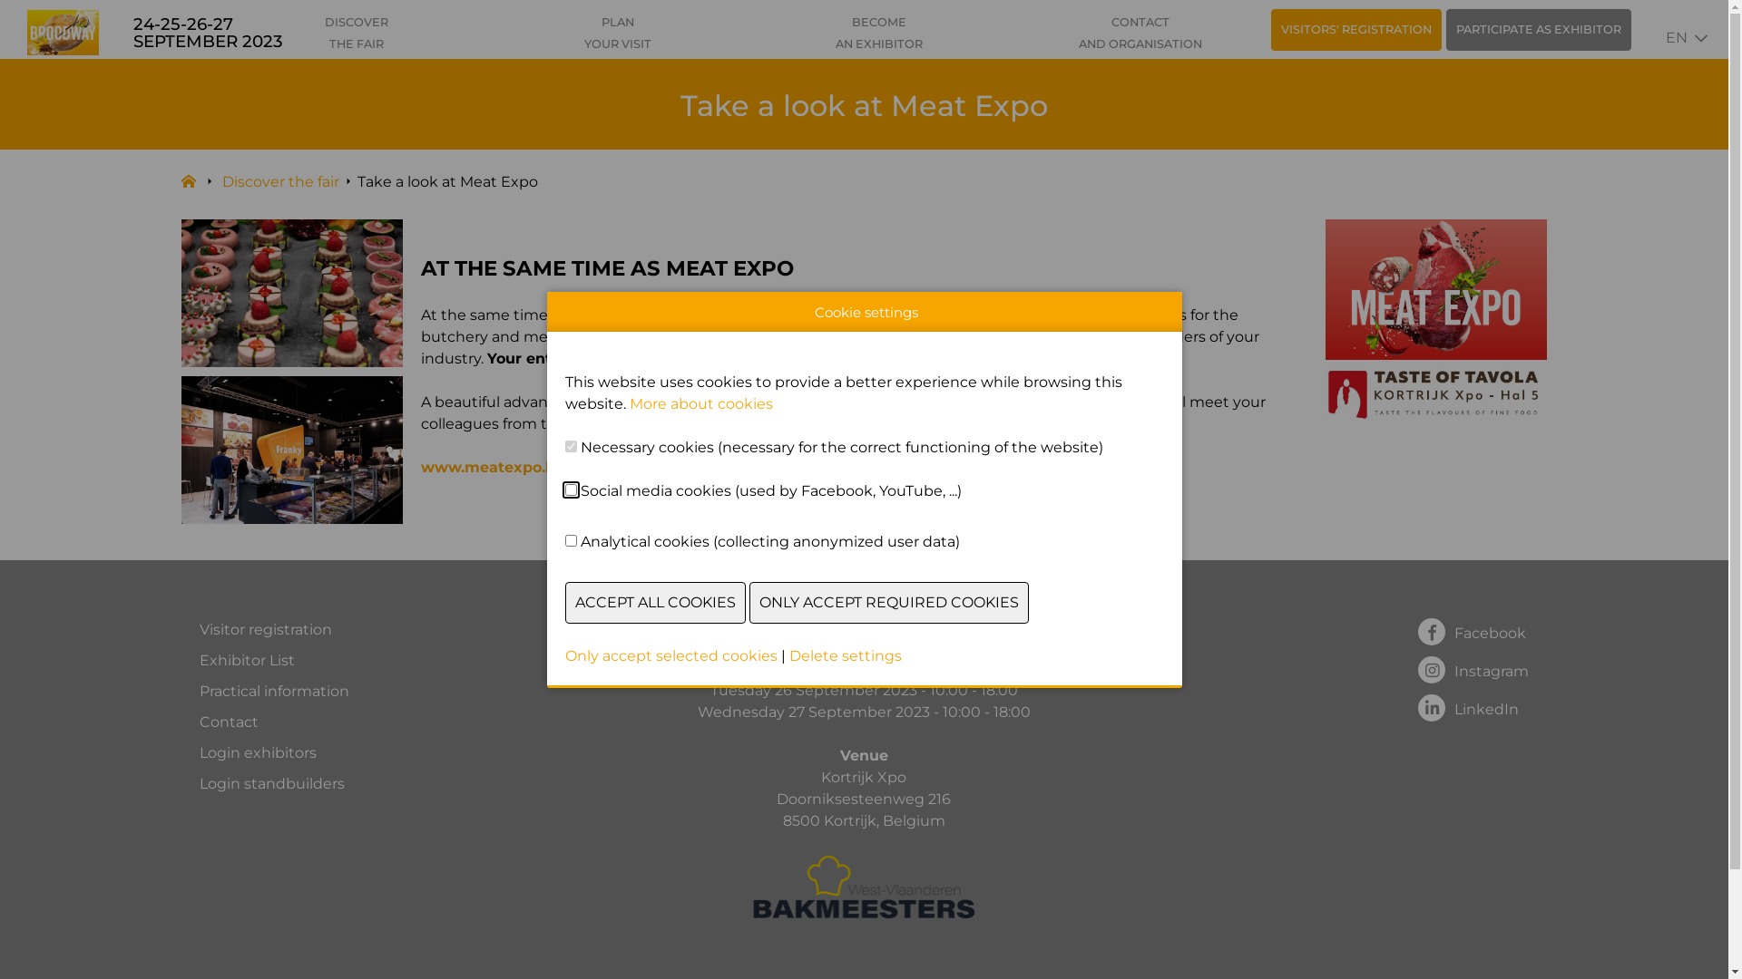 The width and height of the screenshot is (1742, 979). Describe the element at coordinates (670, 655) in the screenshot. I see `'Only accept selected cookies'` at that location.